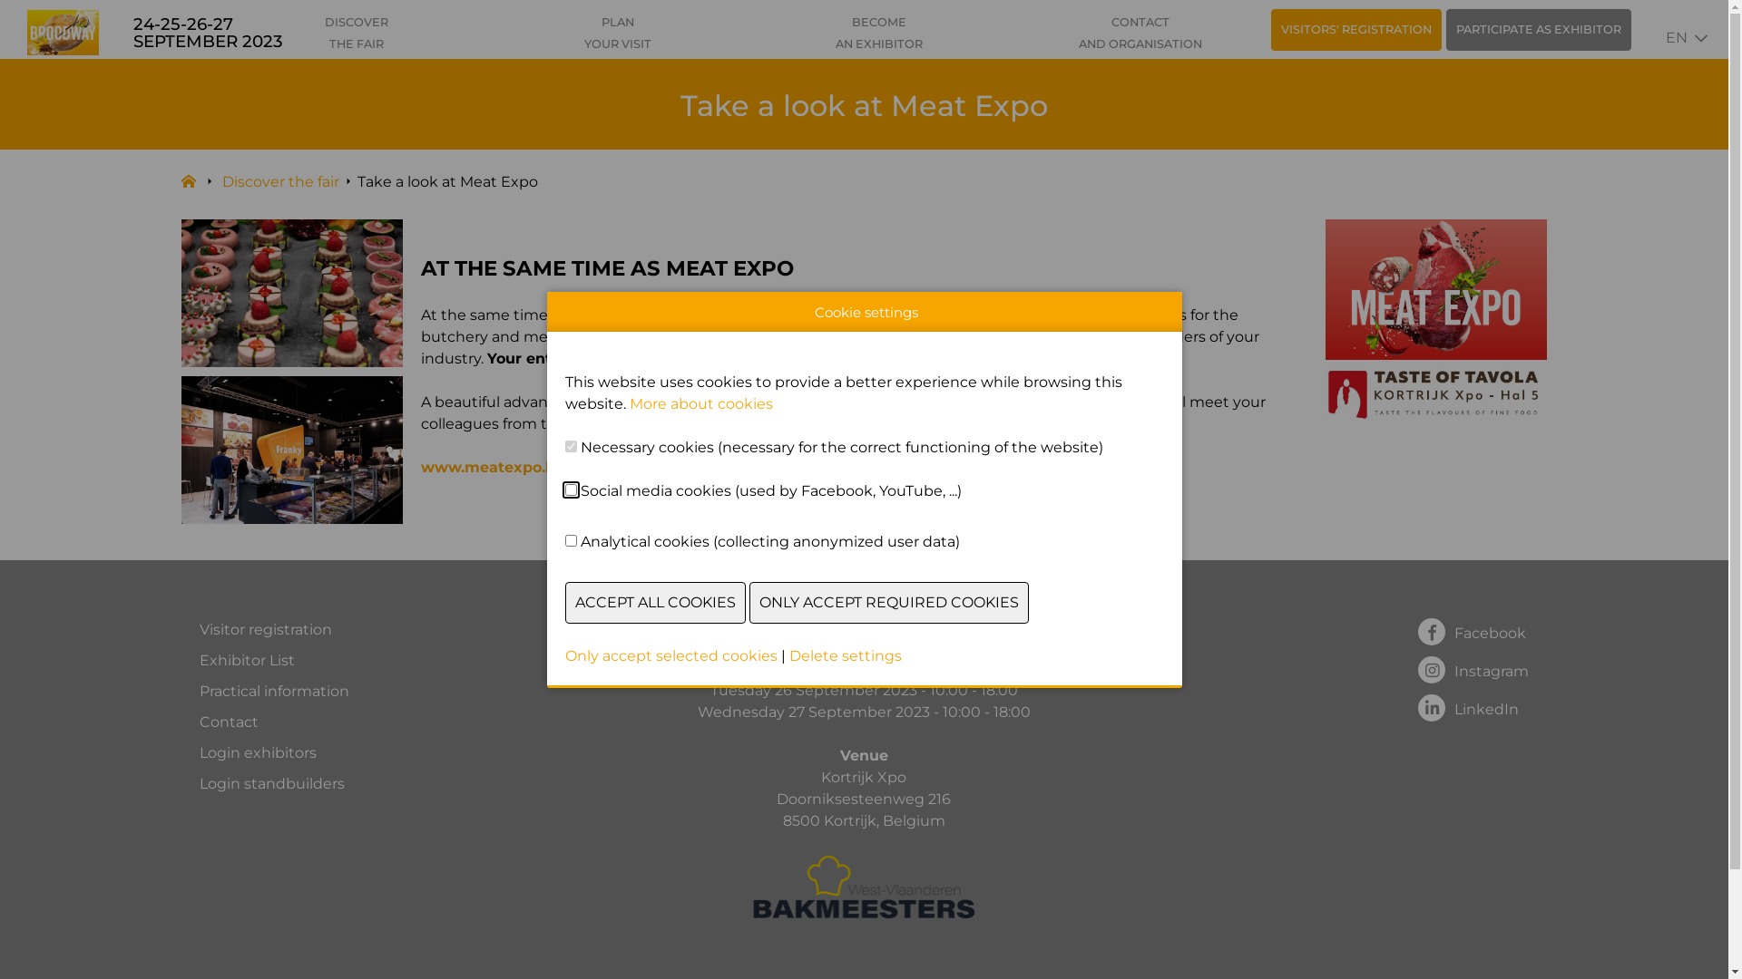 The width and height of the screenshot is (1742, 979). Describe the element at coordinates (670, 655) in the screenshot. I see `'Only accept selected cookies'` at that location.